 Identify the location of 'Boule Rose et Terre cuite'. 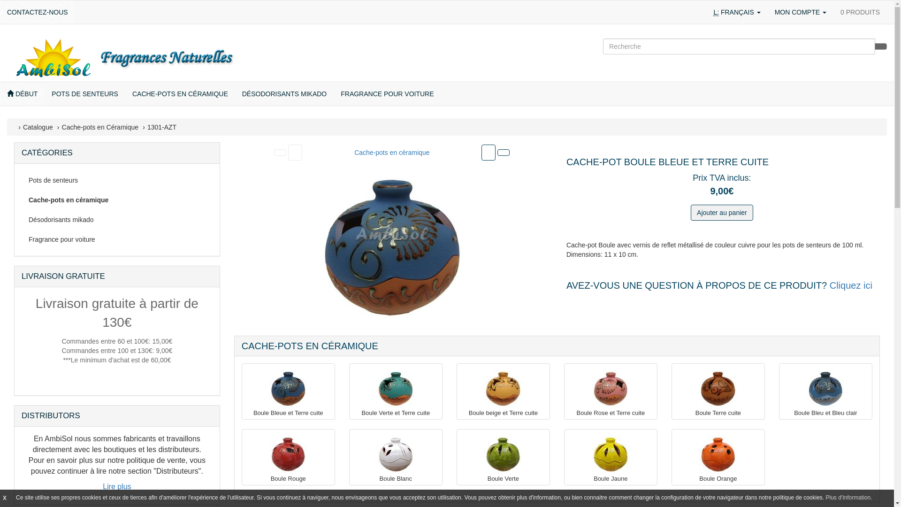
(610, 389).